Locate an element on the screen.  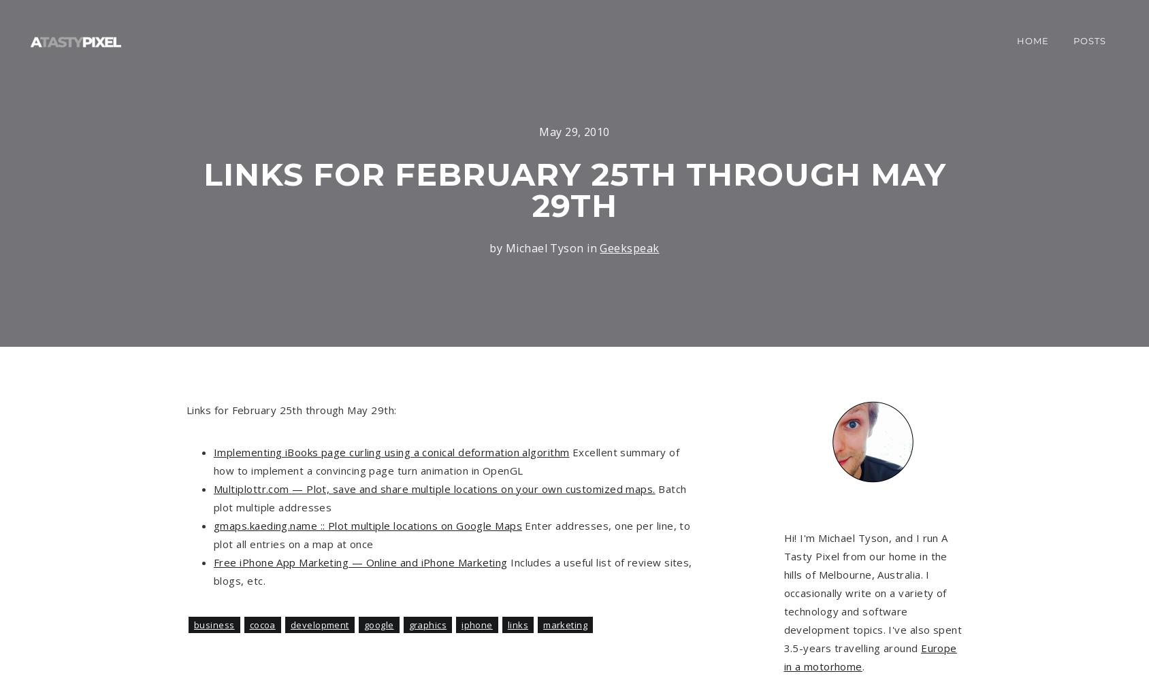
'Implementing iBooks page curling using a conical deformation algorithm' is located at coordinates (212, 452).